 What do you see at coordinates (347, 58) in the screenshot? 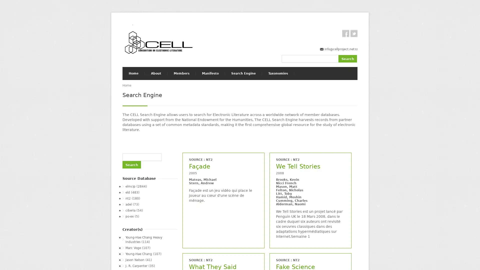
I see `Search` at bounding box center [347, 58].